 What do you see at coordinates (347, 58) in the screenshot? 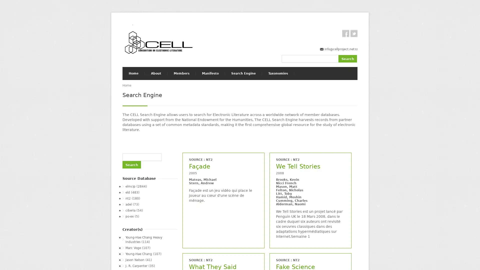
I see `Search` at bounding box center [347, 58].